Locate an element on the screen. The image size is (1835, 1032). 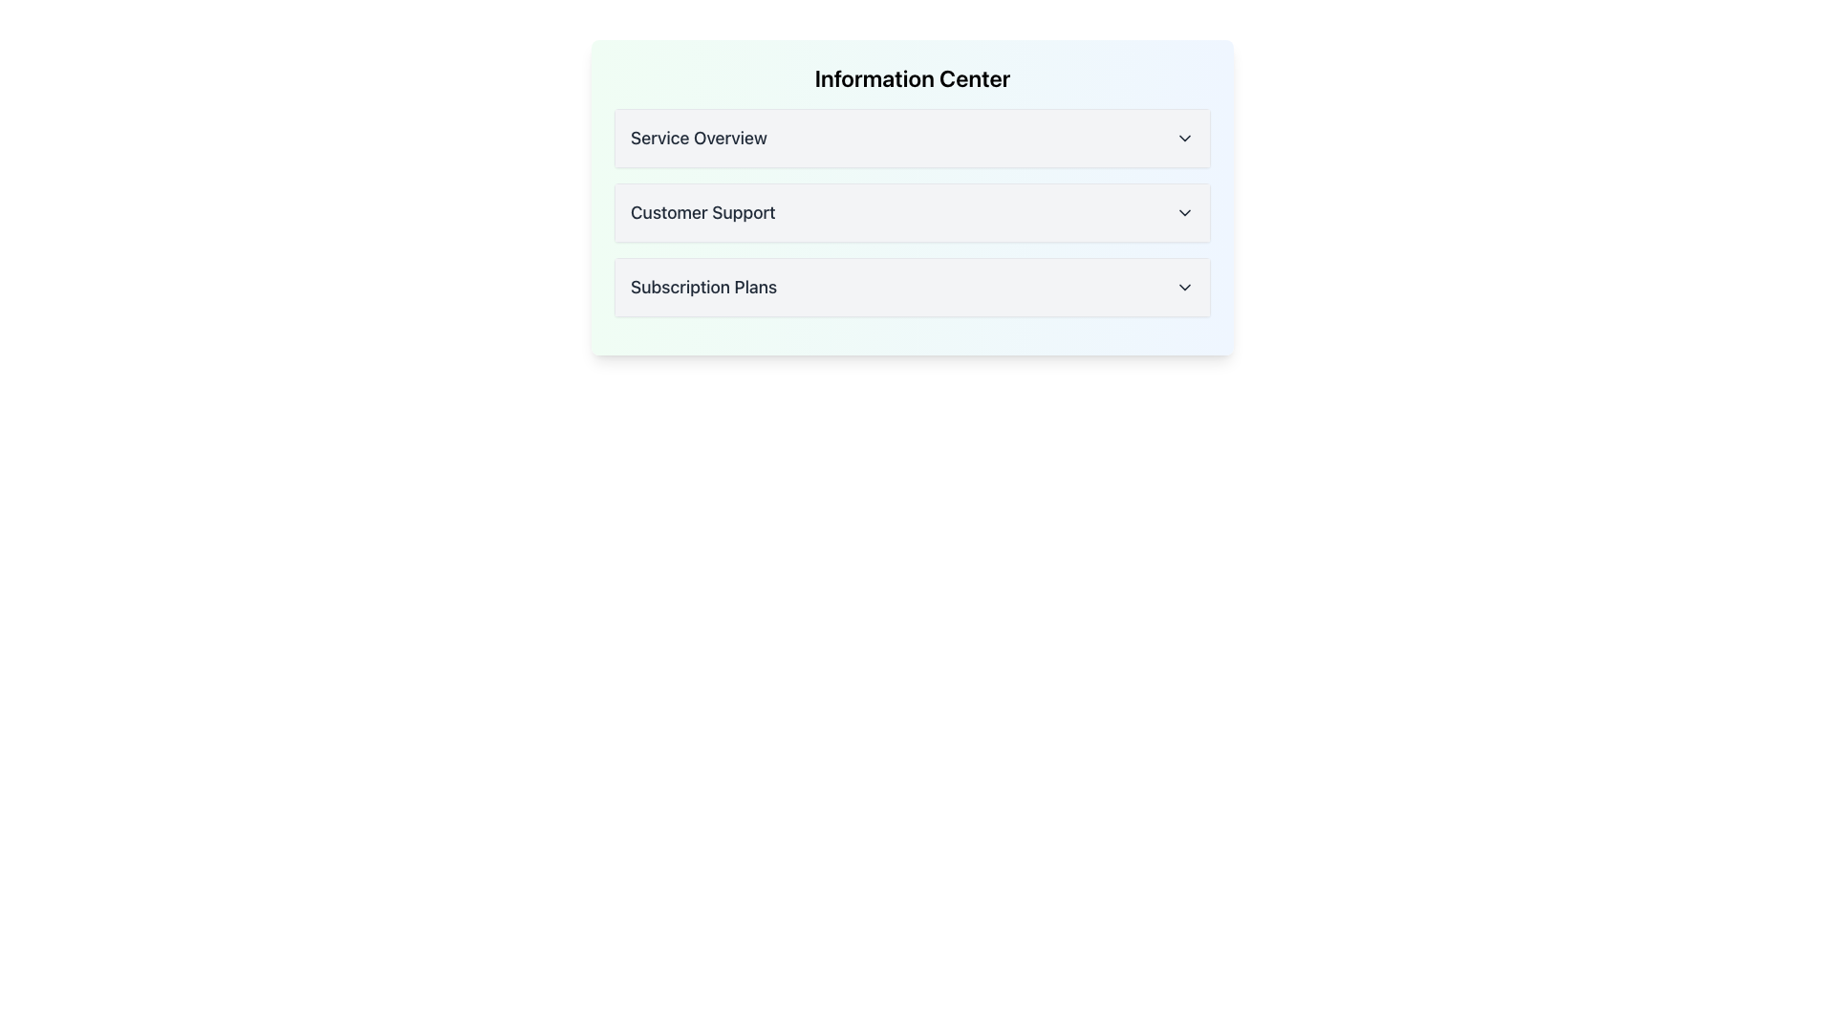
the 'Subscription Plans' toggle button in the 'Information Center' to navigate is located at coordinates (912, 287).